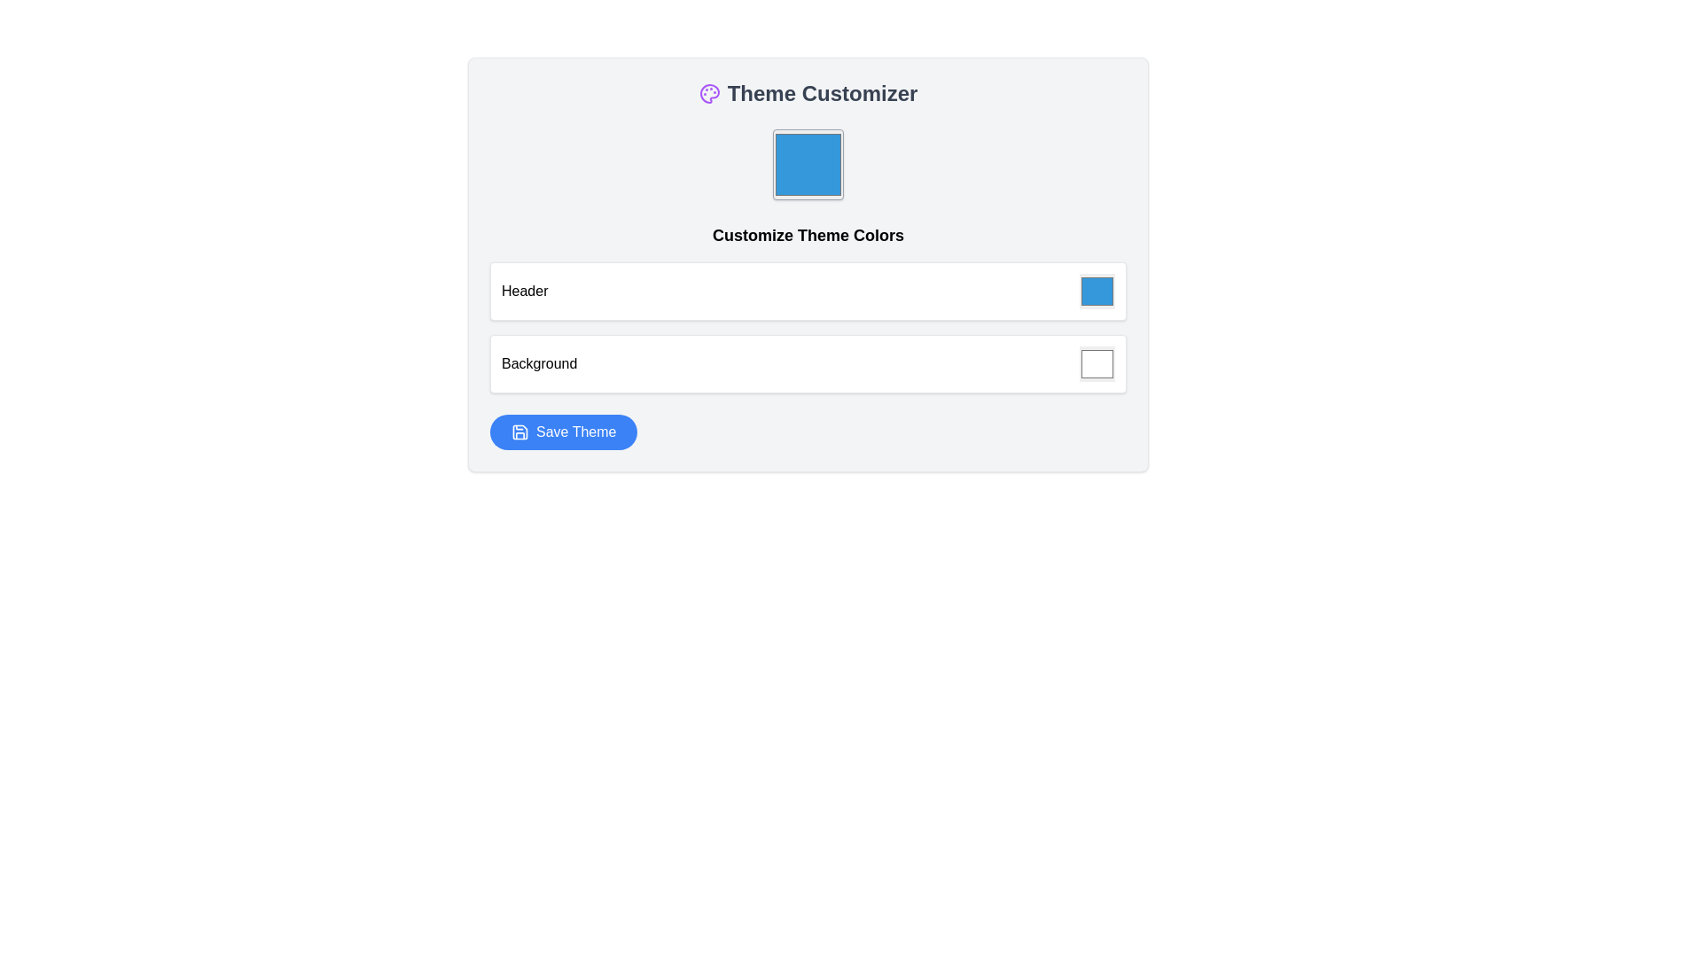  Describe the element at coordinates (519, 432) in the screenshot. I see `the 'Save' icon located to the left of the text within the 'Save Theme' button in the bottom section of the card interface` at that location.